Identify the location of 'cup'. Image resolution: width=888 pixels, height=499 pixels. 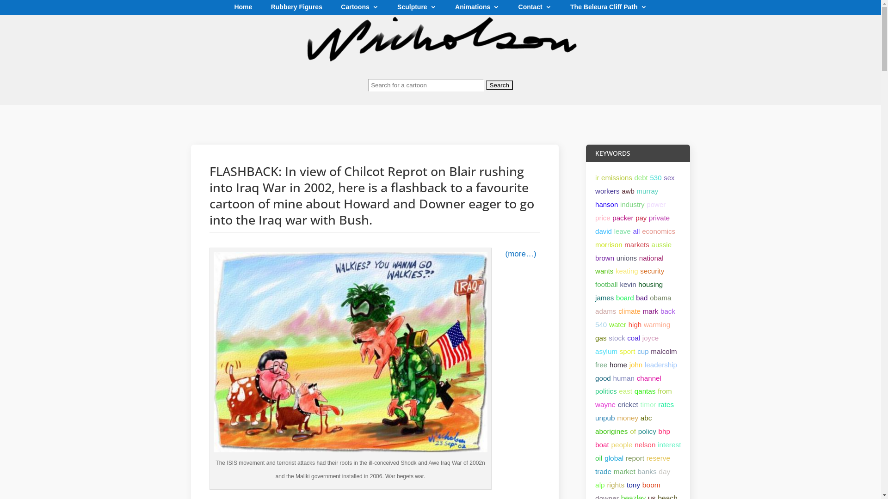
(642, 351).